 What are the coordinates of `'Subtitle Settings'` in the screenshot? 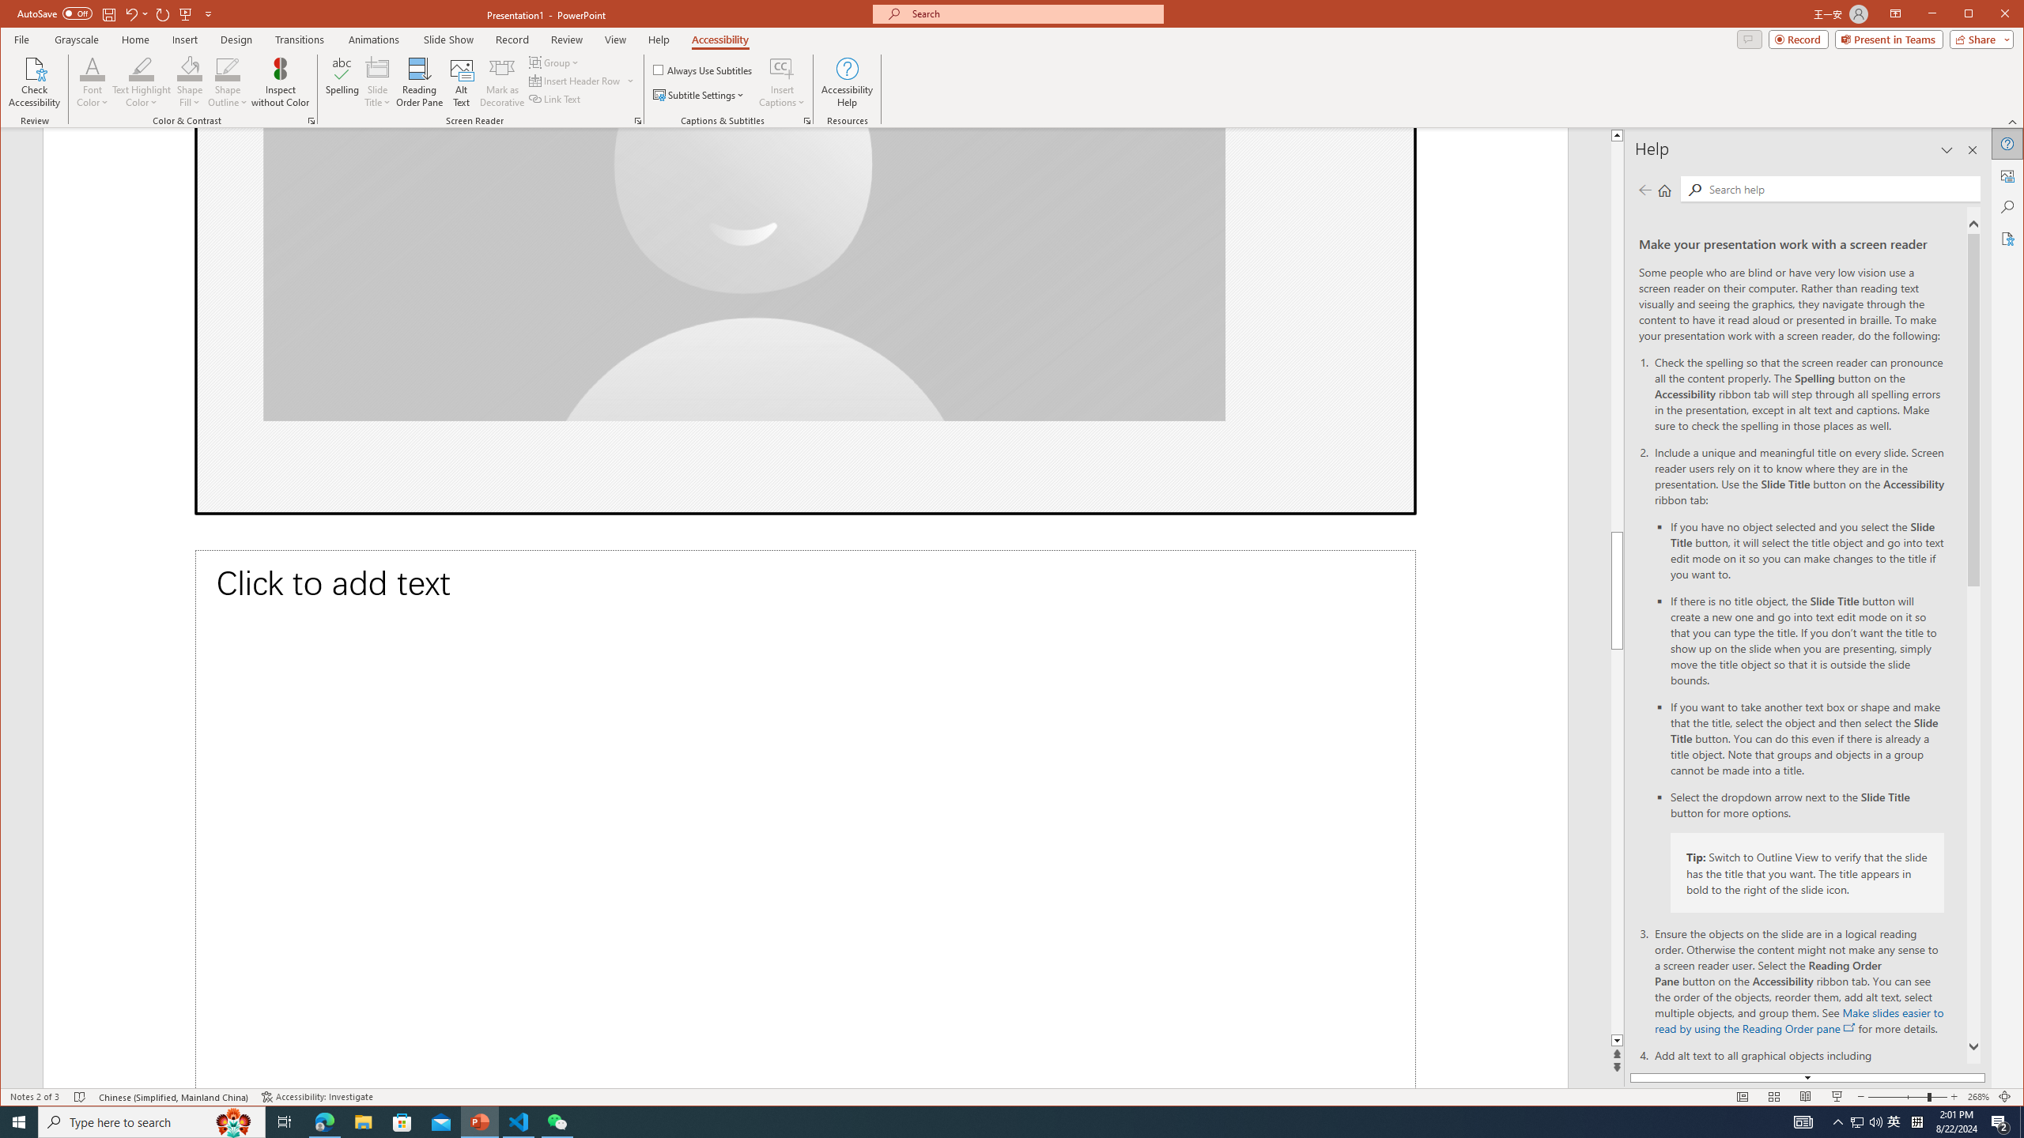 It's located at (699, 94).